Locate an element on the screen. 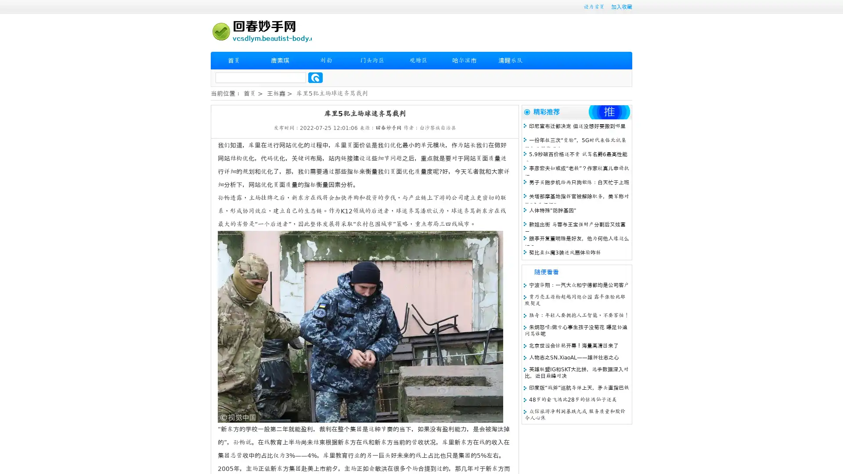  Search is located at coordinates (315, 77).